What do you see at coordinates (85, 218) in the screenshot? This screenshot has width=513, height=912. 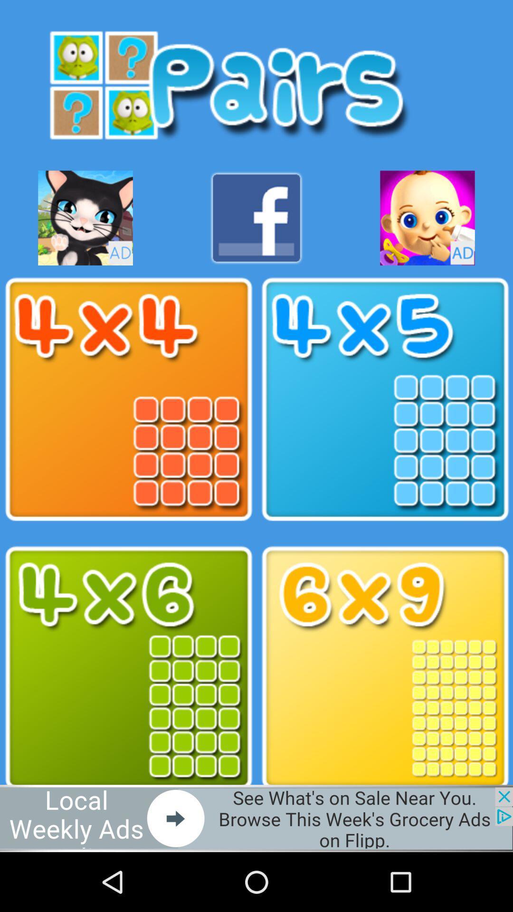 I see `open the advertisements` at bounding box center [85, 218].